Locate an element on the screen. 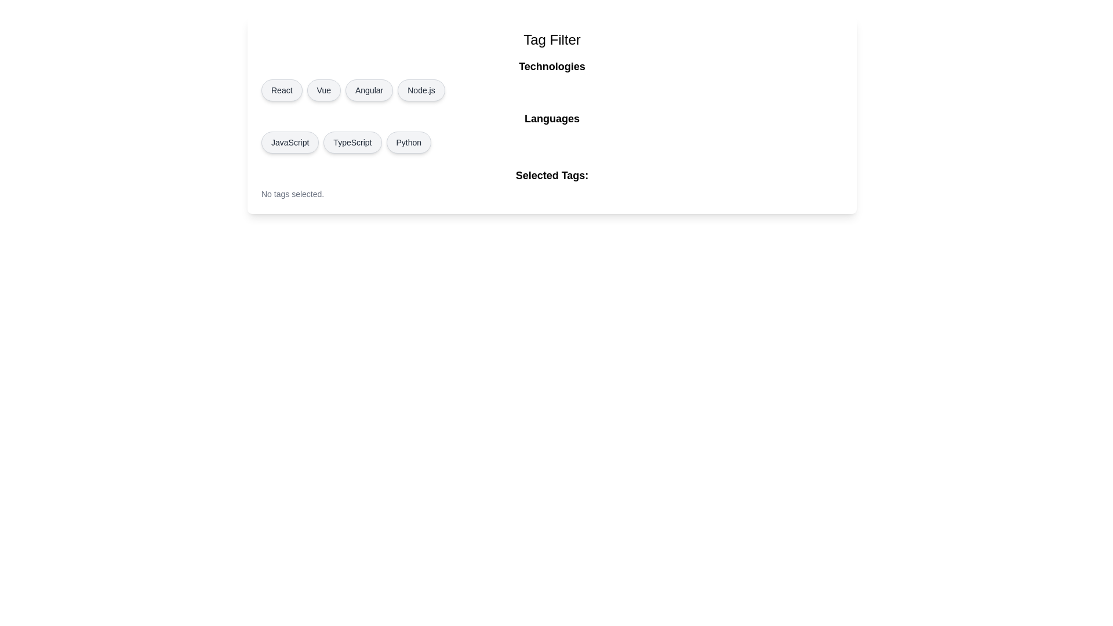  the 'Node.js' button, which is the fourth button in a horizontal row of filter options is located at coordinates (420, 89).